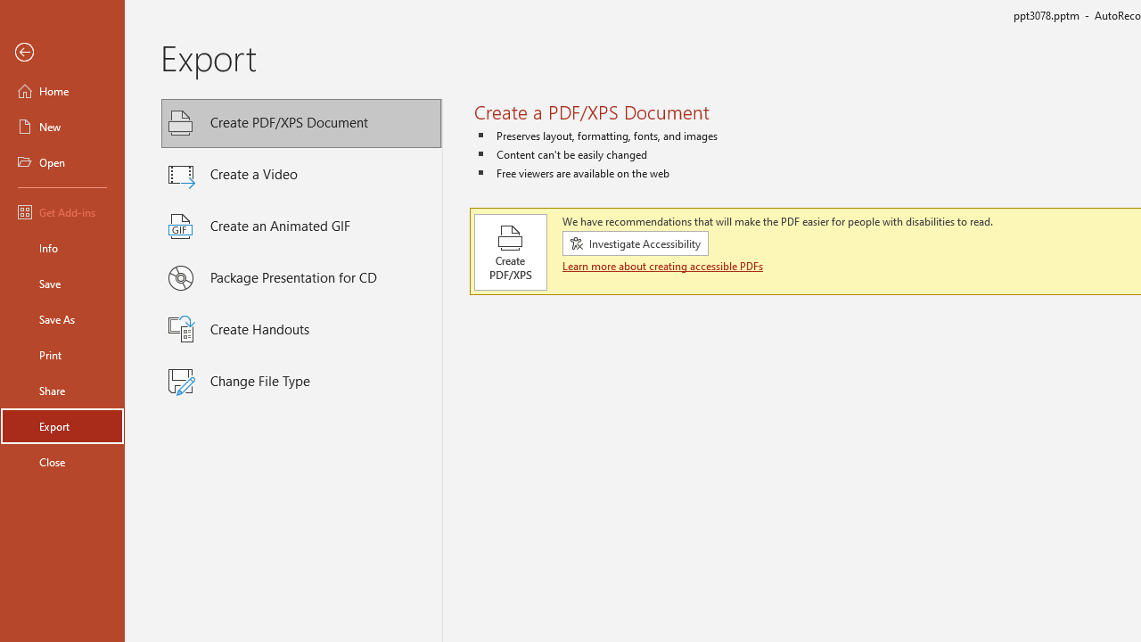 The image size is (1141, 642). What do you see at coordinates (62, 125) in the screenshot?
I see `'New'` at bounding box center [62, 125].